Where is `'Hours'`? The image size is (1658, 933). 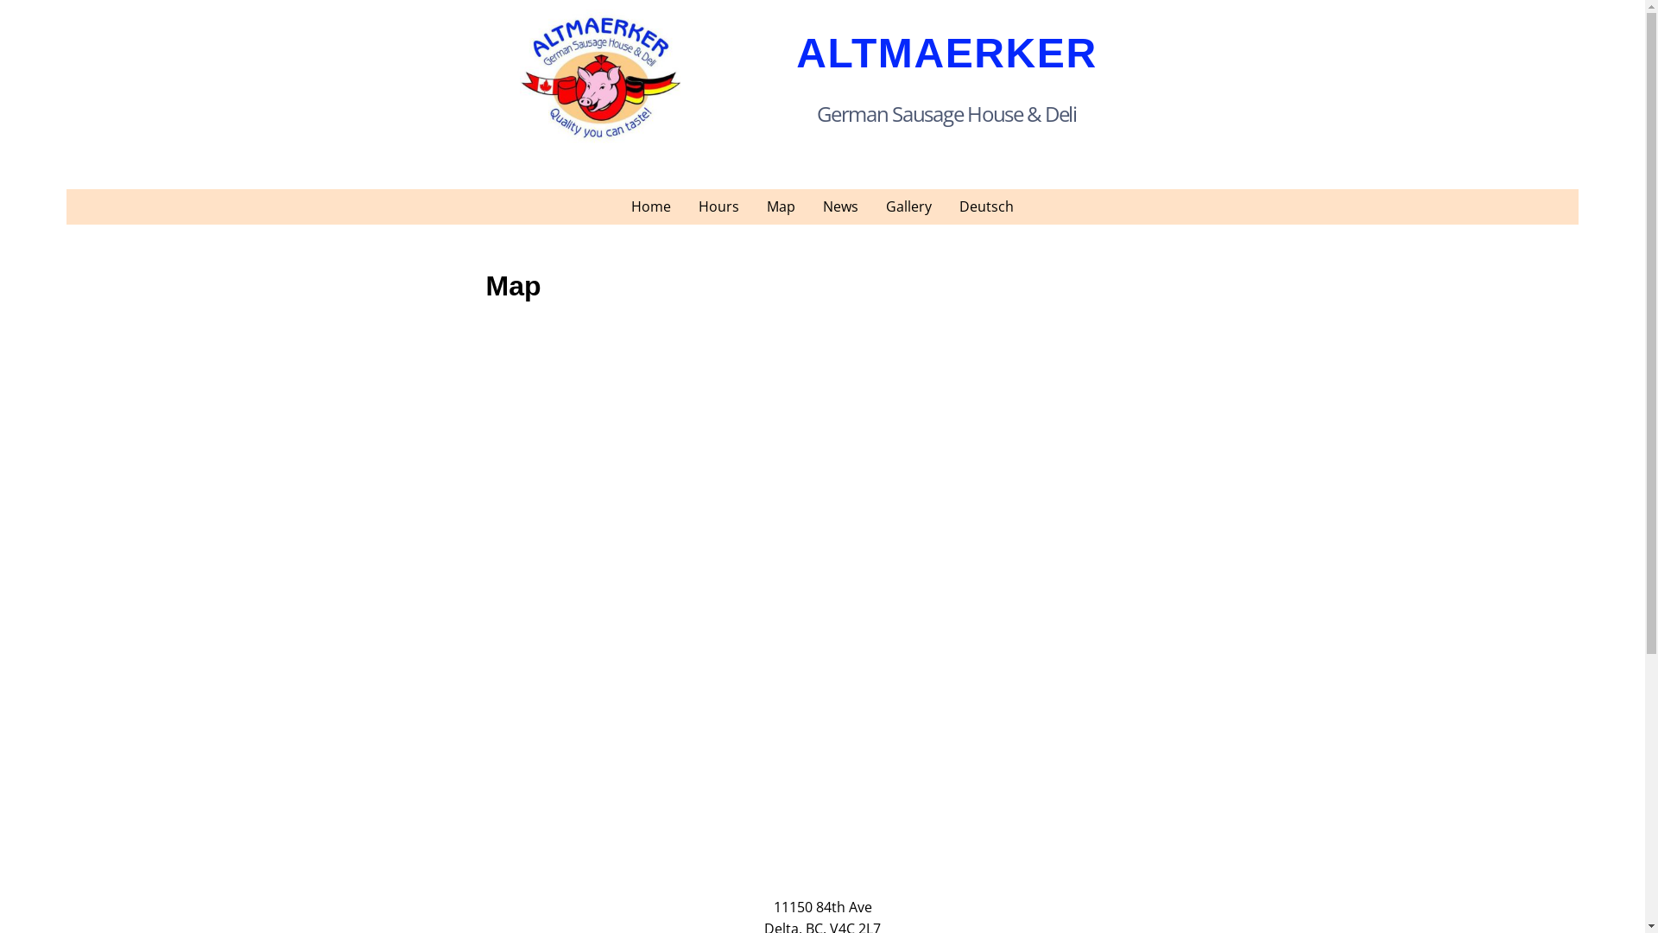 'Hours' is located at coordinates (718, 206).